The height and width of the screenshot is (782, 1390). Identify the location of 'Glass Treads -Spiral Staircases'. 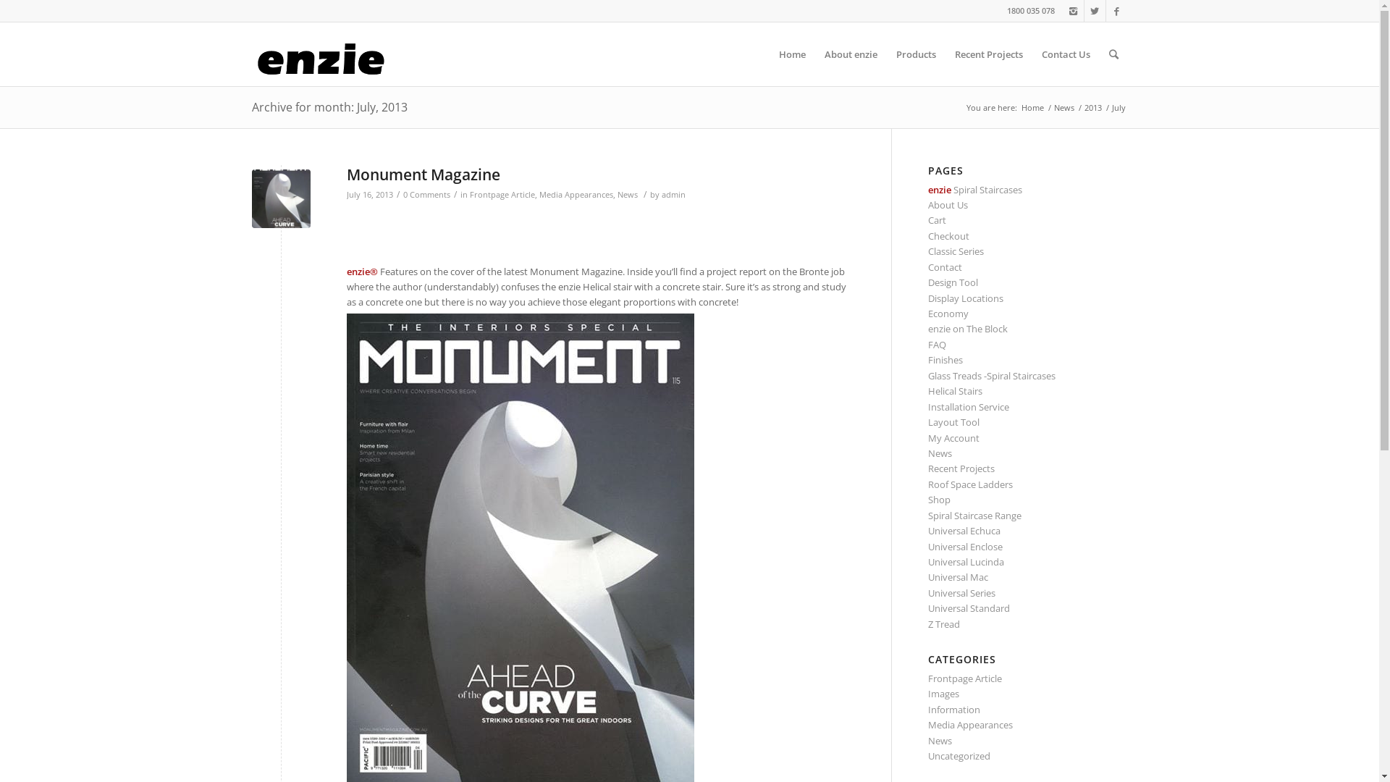
(990, 375).